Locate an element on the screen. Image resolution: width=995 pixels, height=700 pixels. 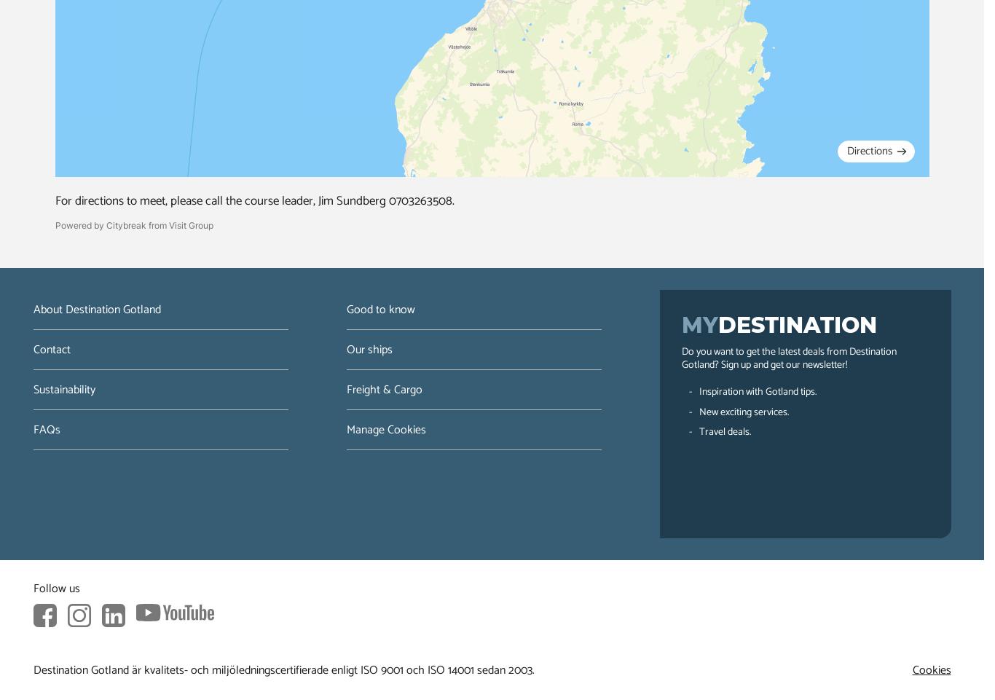
'Contact' is located at coordinates (51, 348).